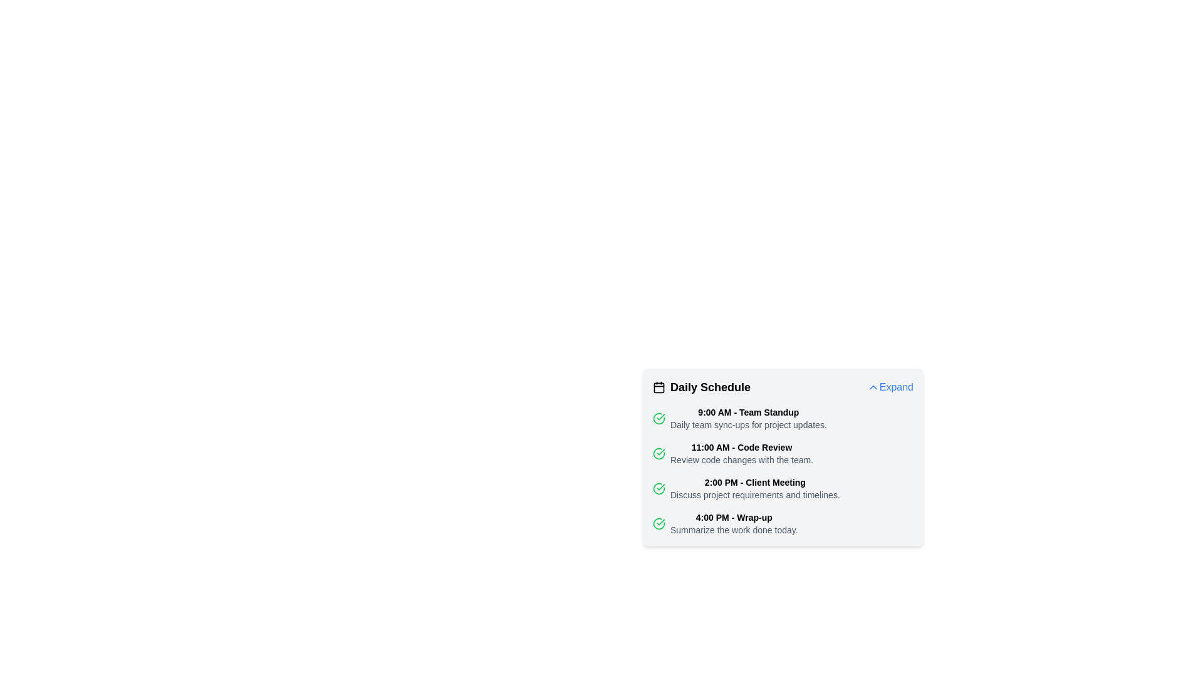  Describe the element at coordinates (748, 424) in the screenshot. I see `description text providing details about the 'Team Standup' event, which is located beneath the bolded '9:00 AM - Team Standup' text in the Daily Schedule section` at that location.